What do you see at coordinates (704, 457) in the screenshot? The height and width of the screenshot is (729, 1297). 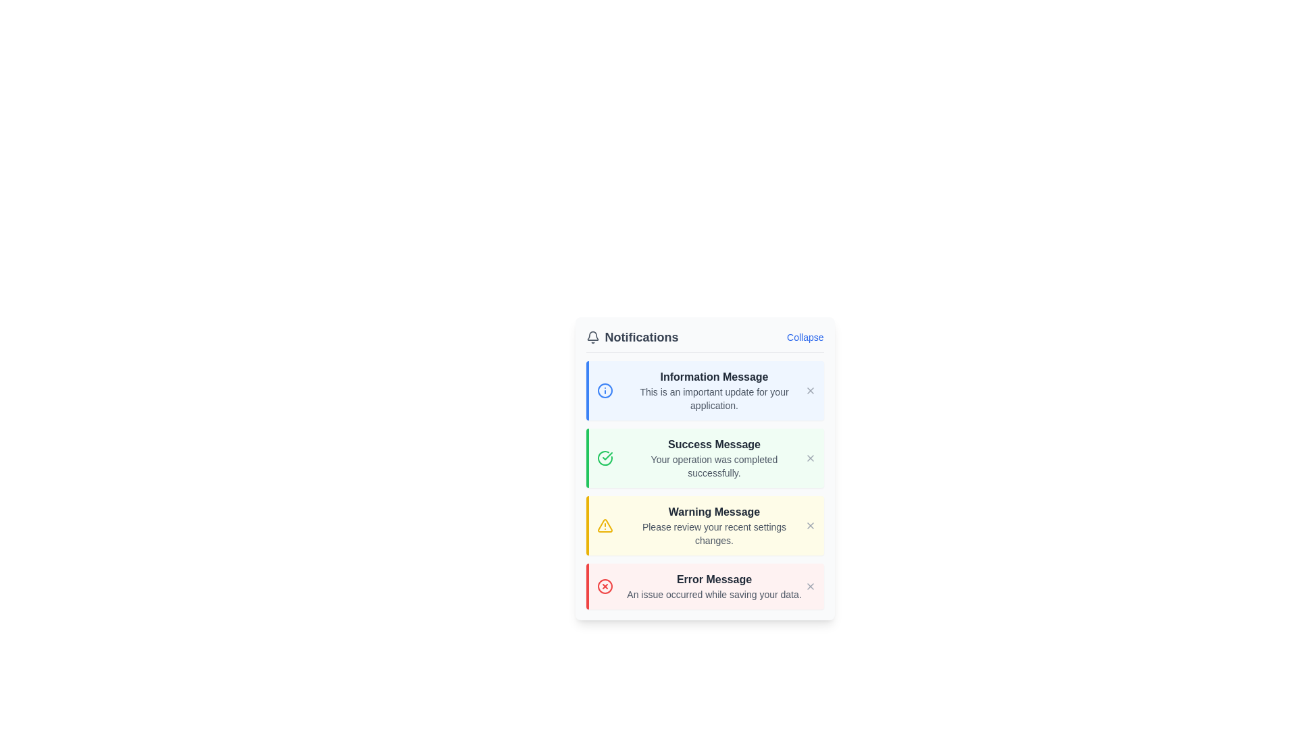 I see `the notification block with a green left border and a light green background titled 'Success Message', which indicates a successful operation` at bounding box center [704, 457].